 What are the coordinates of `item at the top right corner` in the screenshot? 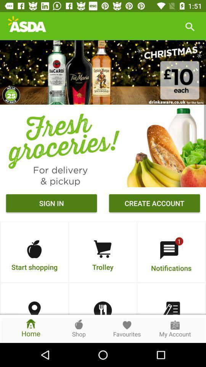 It's located at (189, 26).